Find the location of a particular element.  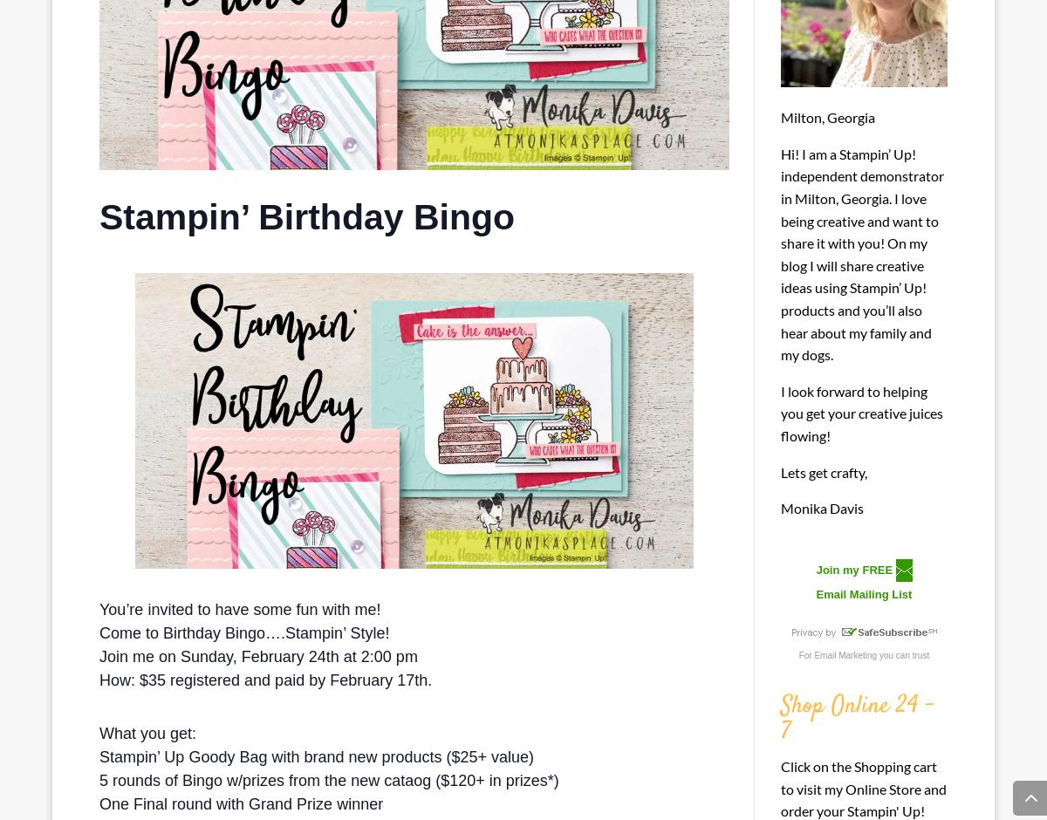

'You’re invited to have some fun with me!' is located at coordinates (239, 608).